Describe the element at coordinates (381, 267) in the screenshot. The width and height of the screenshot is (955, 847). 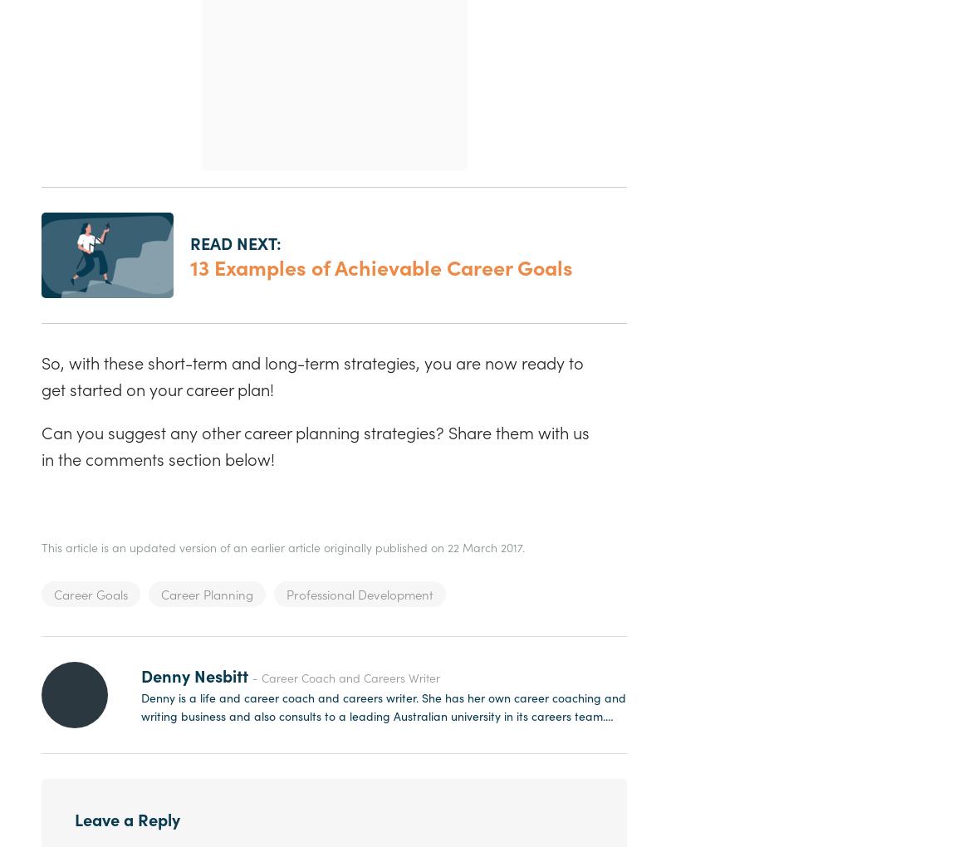
I see `'13 Examples of Achievable Career Goals'` at that location.